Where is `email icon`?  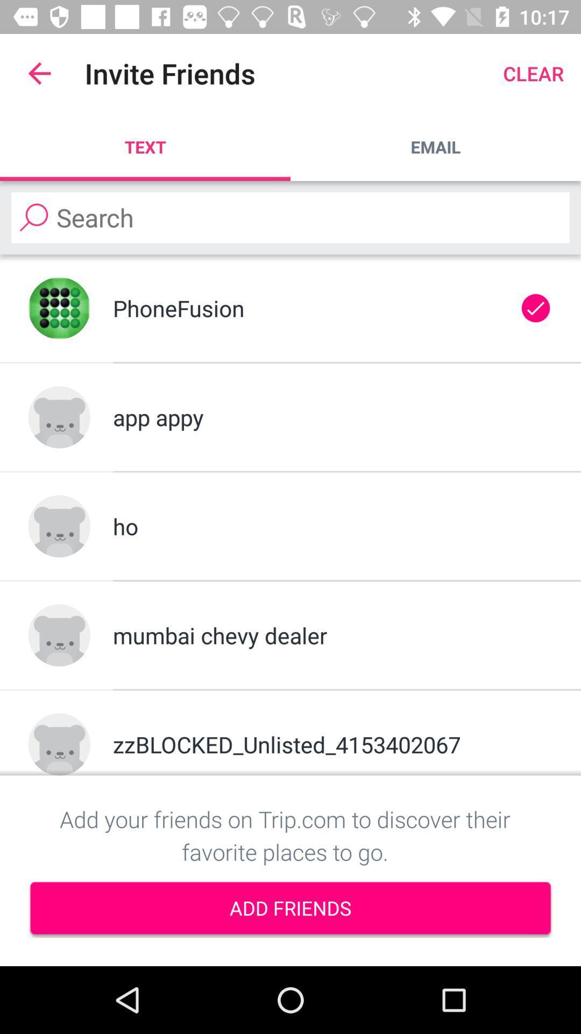 email icon is located at coordinates (436, 146).